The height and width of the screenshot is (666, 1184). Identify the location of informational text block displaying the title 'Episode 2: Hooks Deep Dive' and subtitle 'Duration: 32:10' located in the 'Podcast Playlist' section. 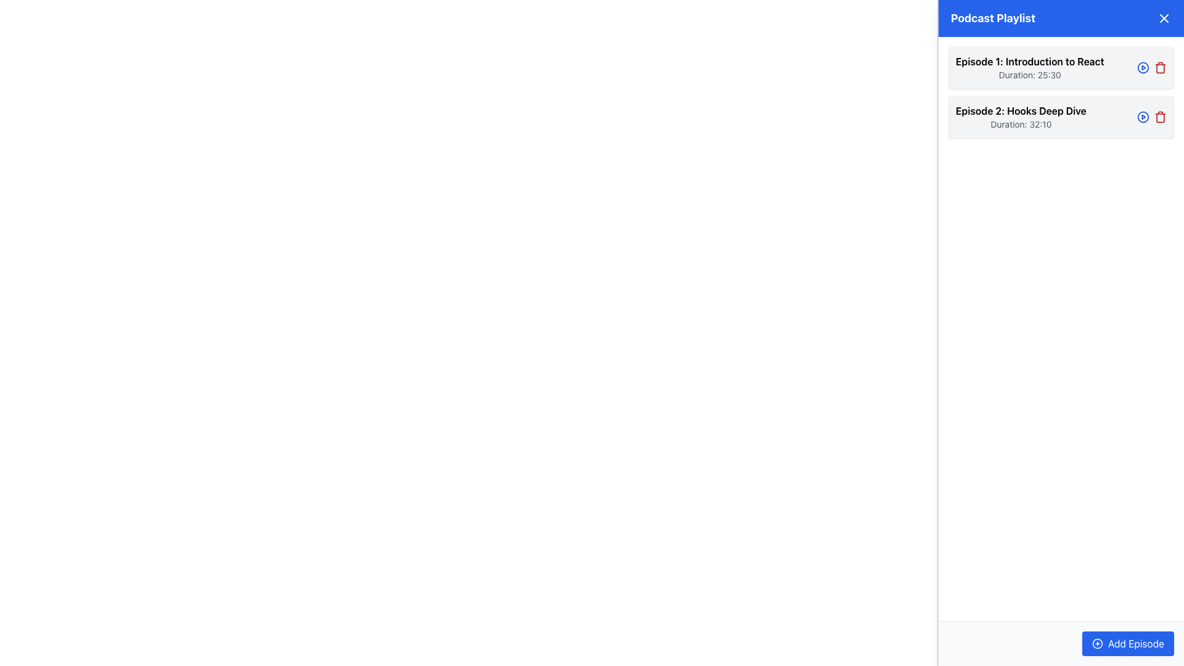
(1021, 117).